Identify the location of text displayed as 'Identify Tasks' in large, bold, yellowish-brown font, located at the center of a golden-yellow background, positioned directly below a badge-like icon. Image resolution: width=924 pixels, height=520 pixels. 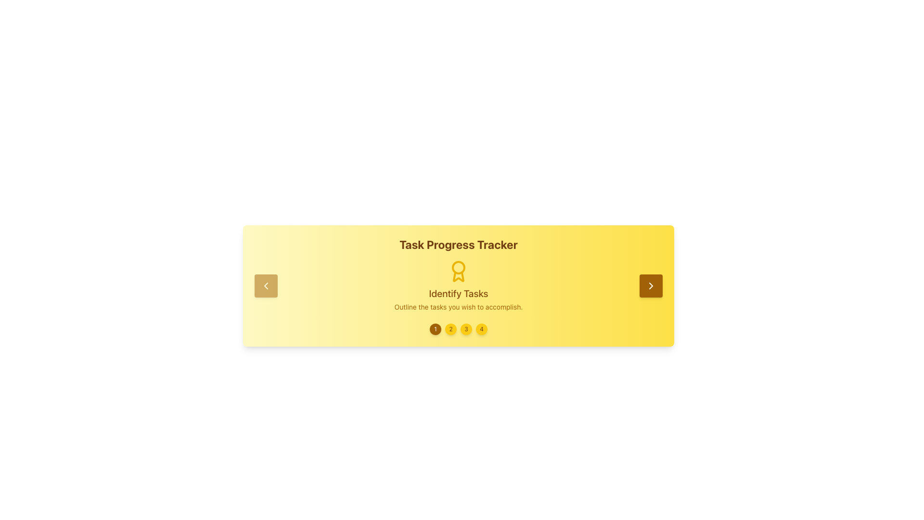
(458, 293).